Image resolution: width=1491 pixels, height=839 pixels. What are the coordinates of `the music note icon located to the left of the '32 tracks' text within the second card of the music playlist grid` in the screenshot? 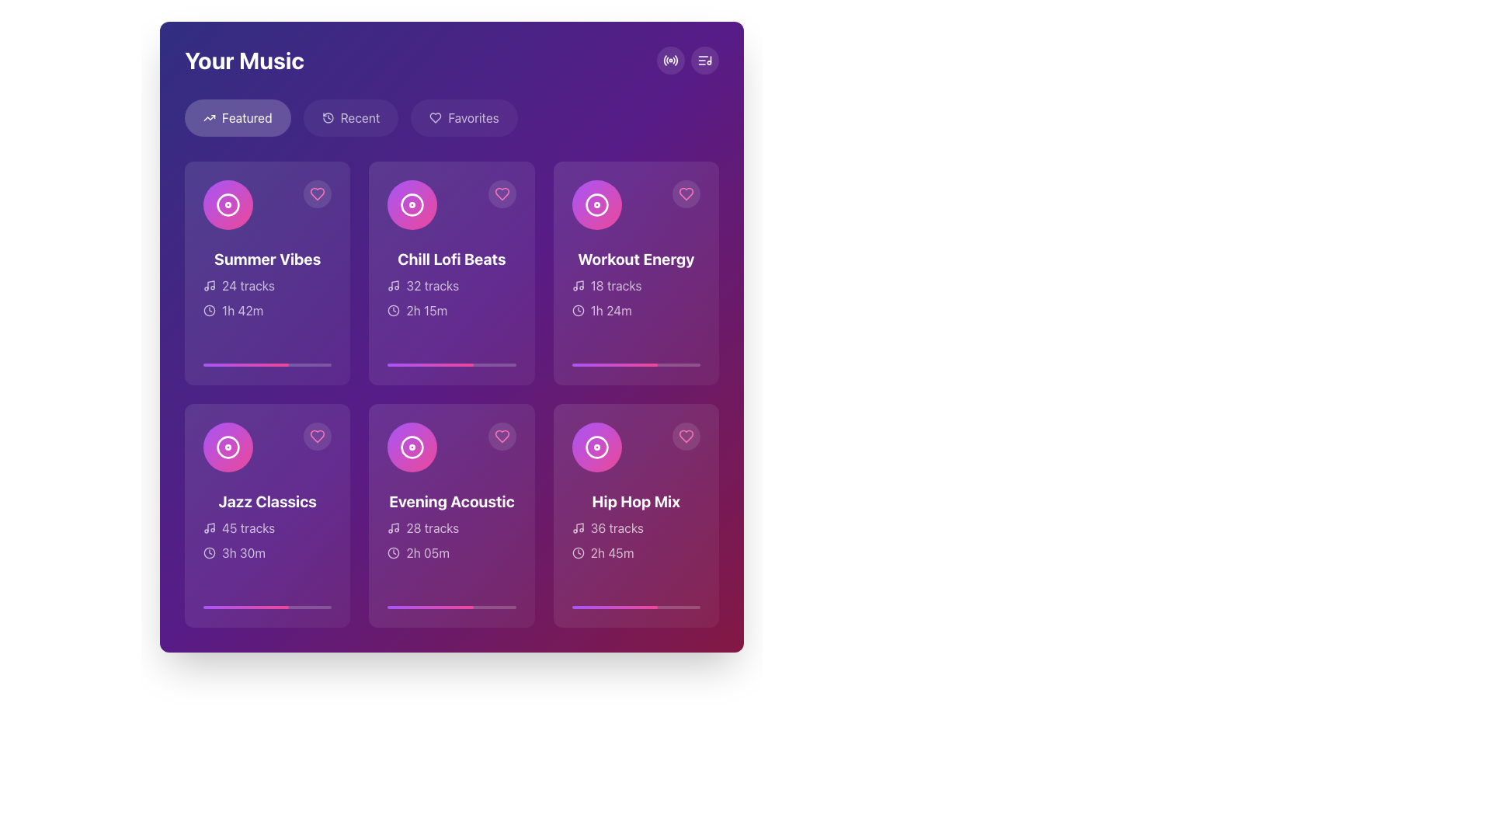 It's located at (394, 285).